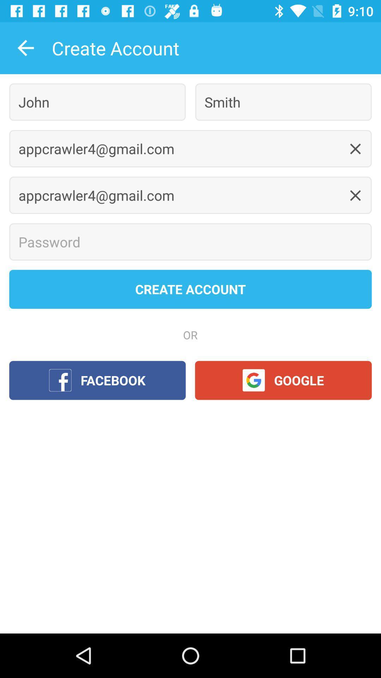  Describe the element at coordinates (25, 48) in the screenshot. I see `the item above john` at that location.